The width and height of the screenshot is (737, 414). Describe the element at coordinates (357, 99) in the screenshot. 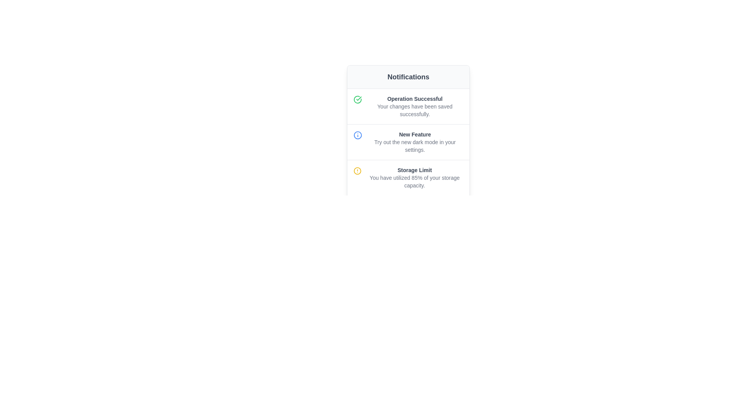

I see `the green circular icon with a check mark inside, which is located to the left of the text 'Operation Successful' in the first notification entry` at that location.